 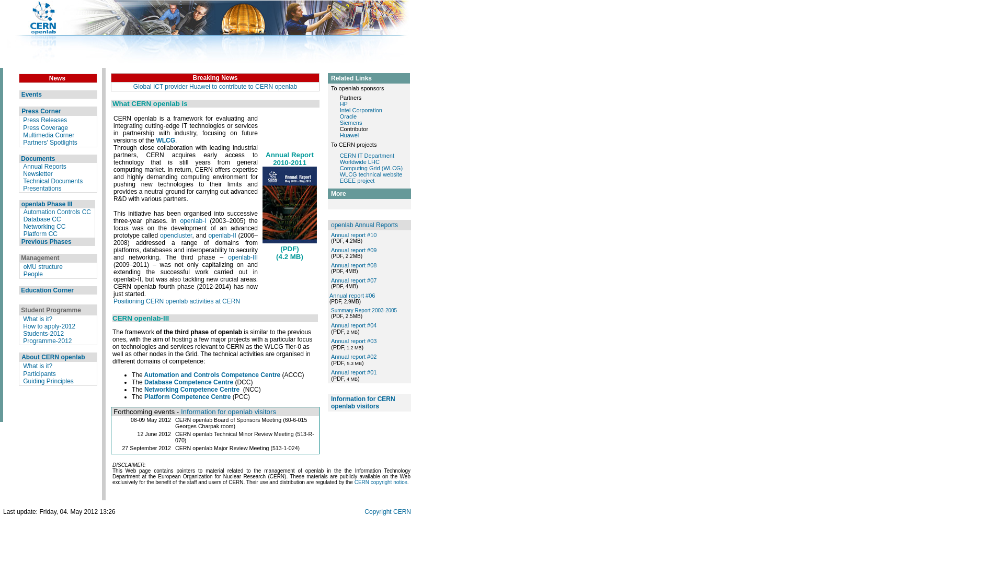 What do you see at coordinates (353, 250) in the screenshot?
I see `'Annual report #09'` at bounding box center [353, 250].